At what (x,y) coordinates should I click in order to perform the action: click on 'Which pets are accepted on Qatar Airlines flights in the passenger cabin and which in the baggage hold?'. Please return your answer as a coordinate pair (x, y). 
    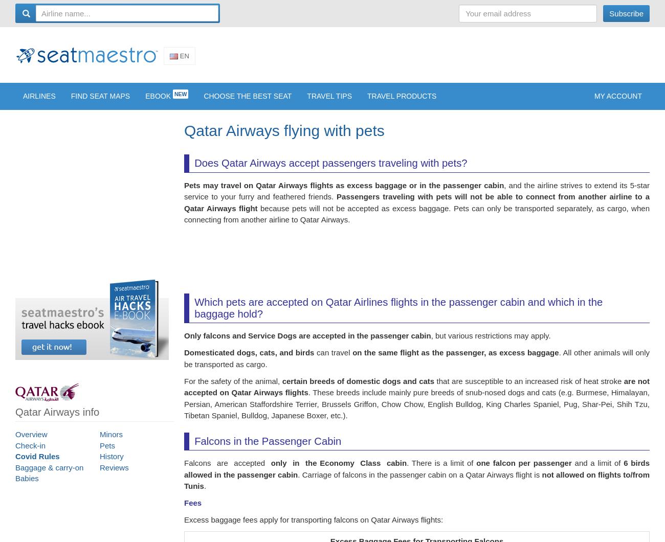
    Looking at the image, I should click on (397, 314).